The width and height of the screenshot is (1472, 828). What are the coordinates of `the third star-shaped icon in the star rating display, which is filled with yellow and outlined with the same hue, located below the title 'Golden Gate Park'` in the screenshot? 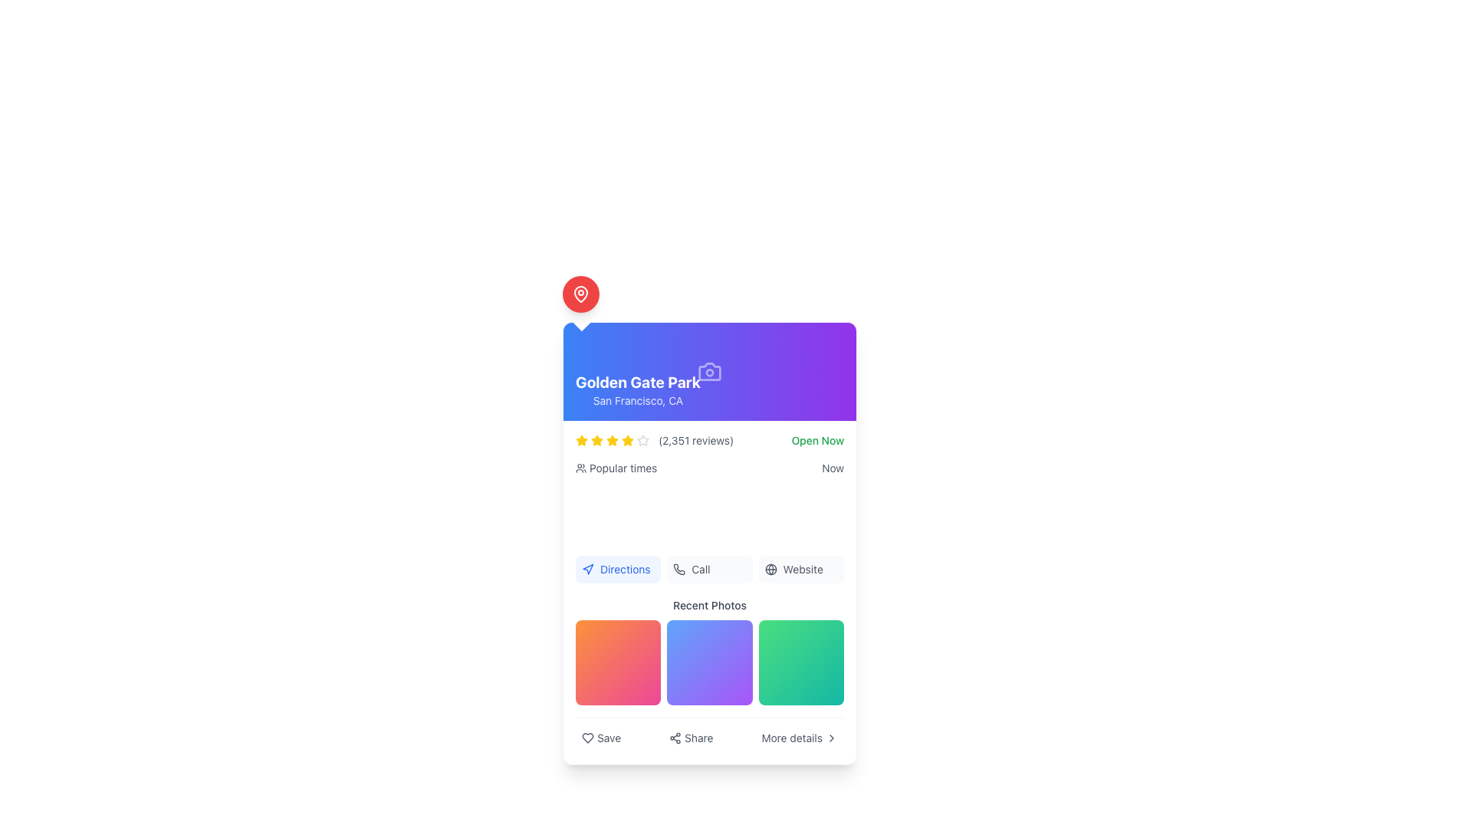 It's located at (596, 440).